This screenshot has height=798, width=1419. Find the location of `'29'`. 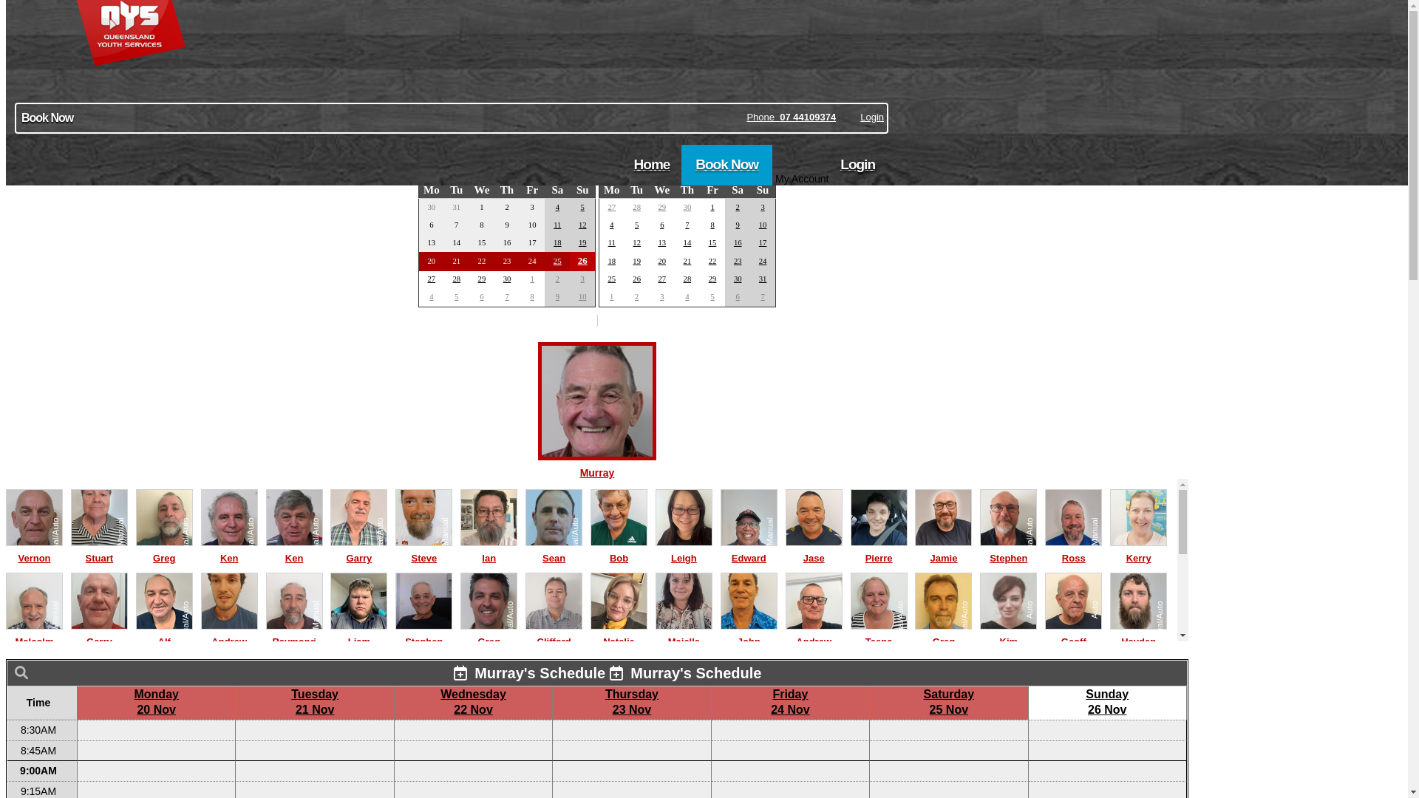

'29' is located at coordinates (482, 279).